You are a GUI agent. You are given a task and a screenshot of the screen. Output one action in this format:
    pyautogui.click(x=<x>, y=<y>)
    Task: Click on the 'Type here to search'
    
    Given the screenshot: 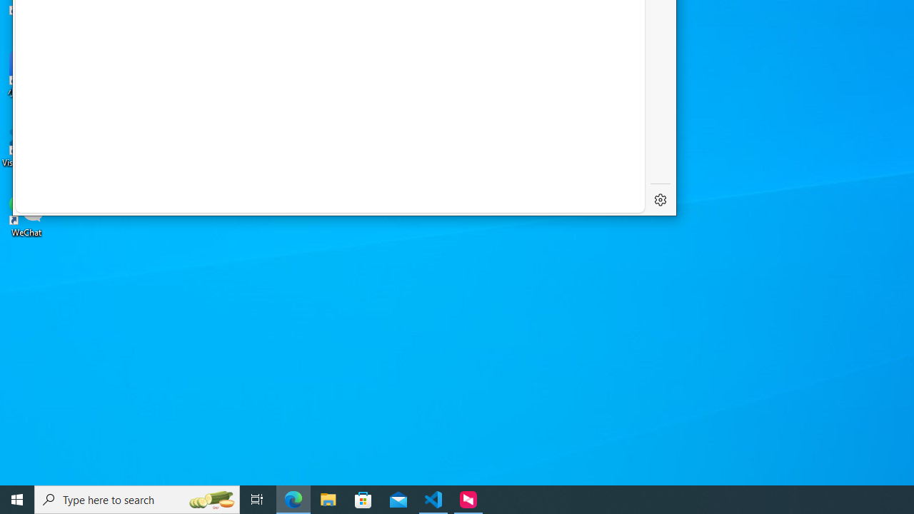 What is the action you would take?
    pyautogui.click(x=137, y=498)
    